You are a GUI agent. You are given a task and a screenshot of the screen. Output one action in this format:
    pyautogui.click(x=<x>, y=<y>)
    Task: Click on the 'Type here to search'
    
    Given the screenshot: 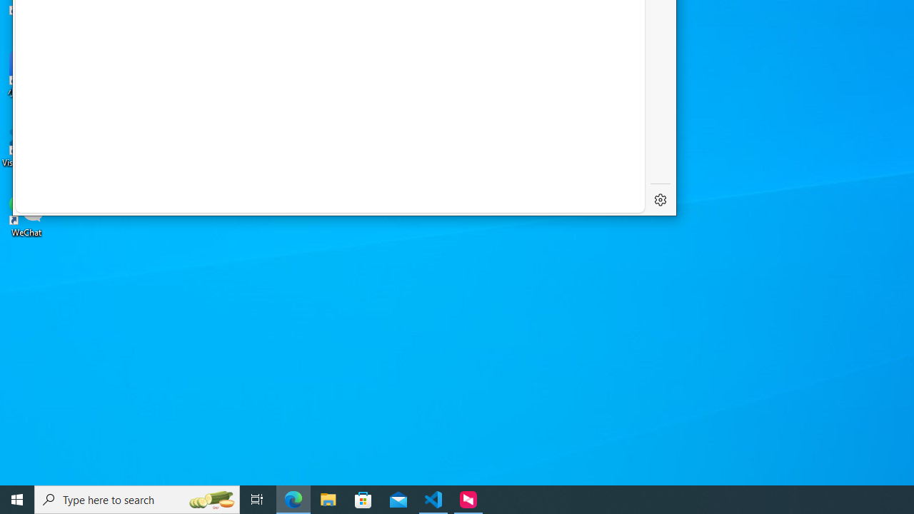 What is the action you would take?
    pyautogui.click(x=137, y=498)
    